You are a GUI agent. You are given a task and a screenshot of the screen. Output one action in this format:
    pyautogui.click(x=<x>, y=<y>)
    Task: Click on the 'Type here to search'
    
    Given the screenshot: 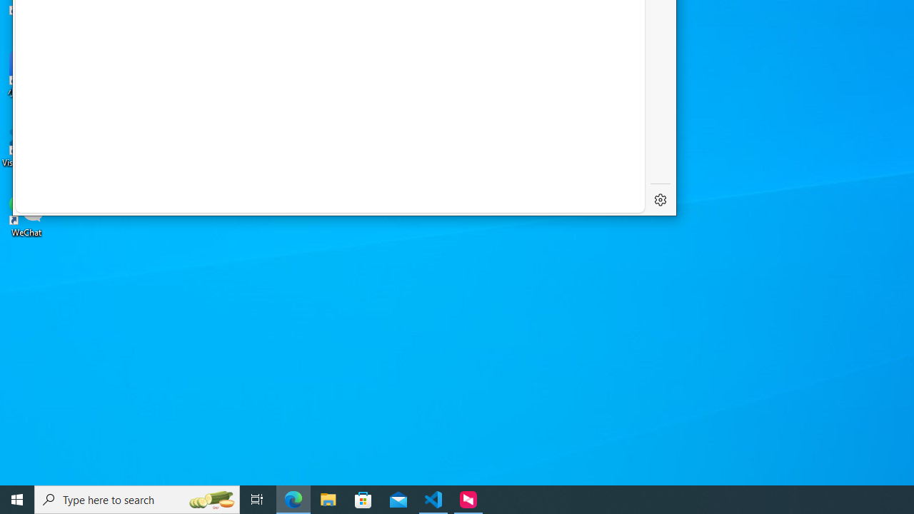 What is the action you would take?
    pyautogui.click(x=137, y=498)
    